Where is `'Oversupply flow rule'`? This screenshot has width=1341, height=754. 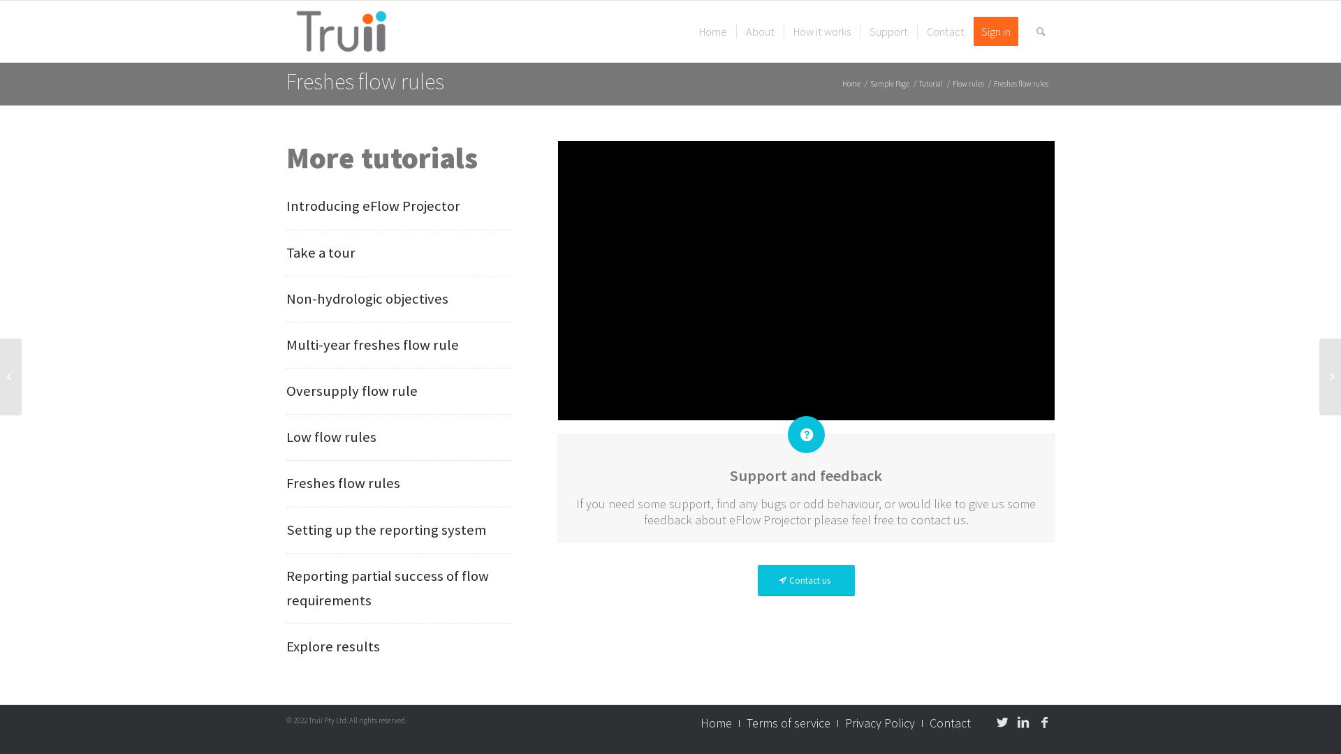
'Oversupply flow rule' is located at coordinates (352, 390).